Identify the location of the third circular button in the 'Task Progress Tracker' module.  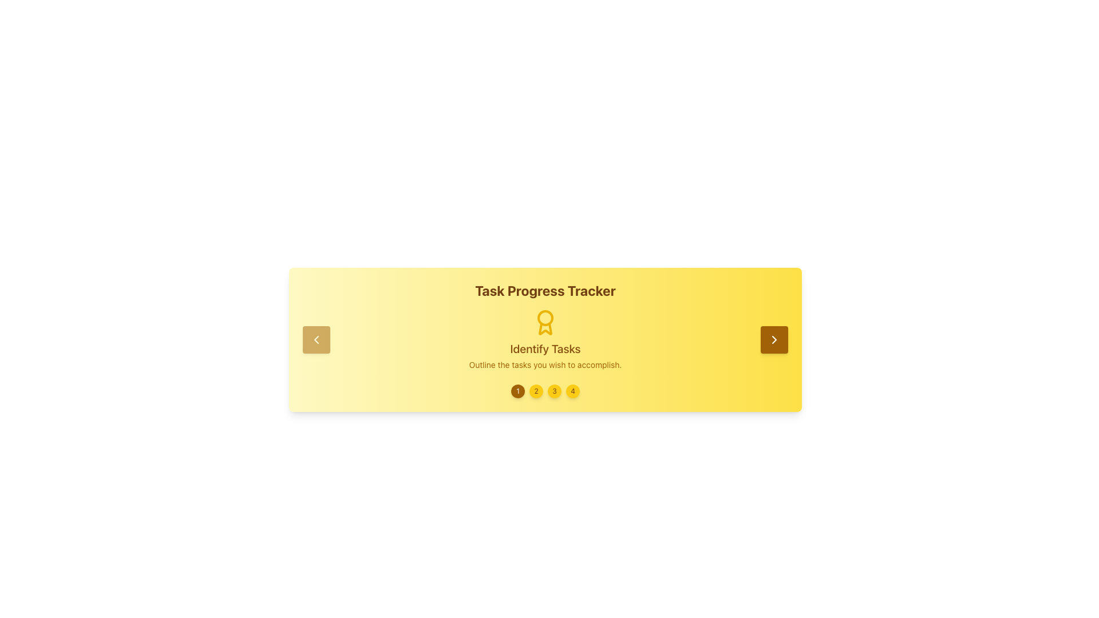
(555, 390).